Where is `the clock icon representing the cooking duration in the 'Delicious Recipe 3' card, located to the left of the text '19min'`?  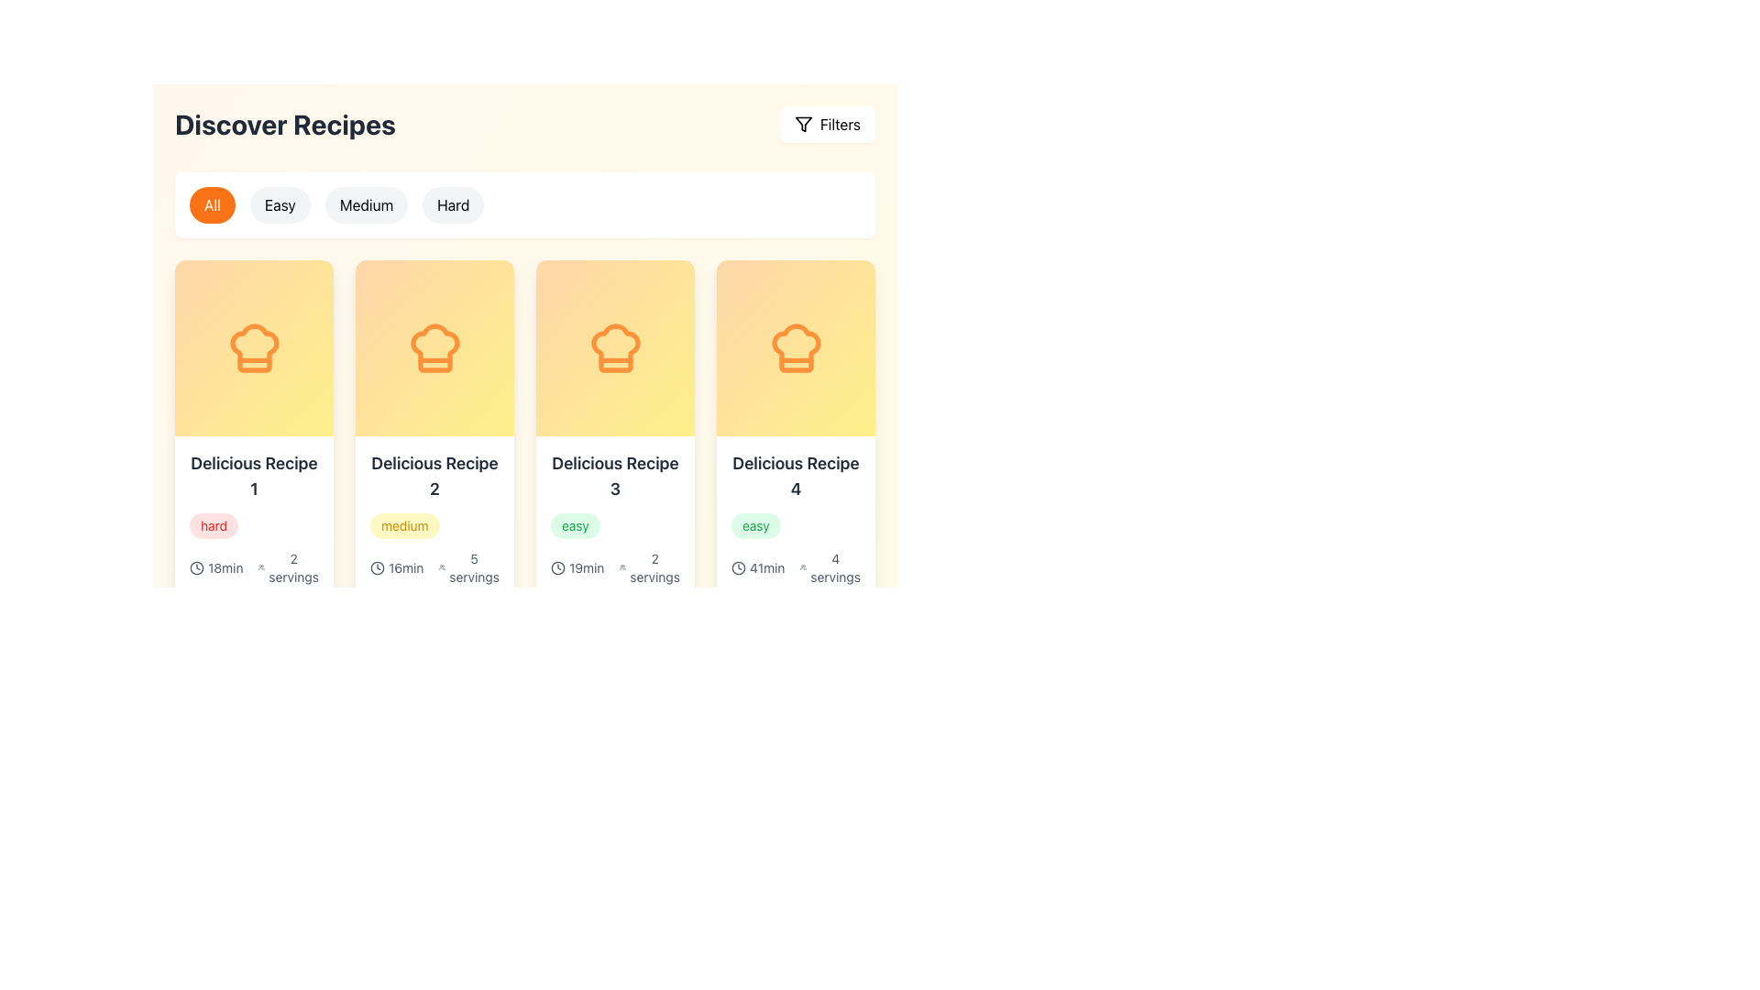 the clock icon representing the cooking duration in the 'Delicious Recipe 3' card, located to the left of the text '19min' is located at coordinates (557, 567).